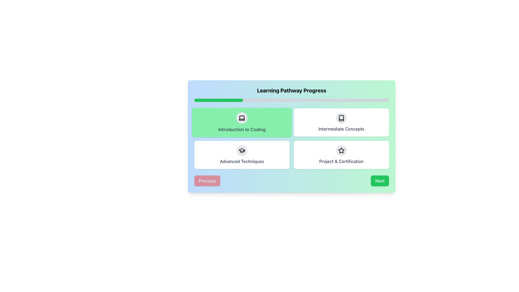 Image resolution: width=519 pixels, height=292 pixels. Describe the element at coordinates (291, 90) in the screenshot. I see `the text label that indicates the purpose of the learning progress section, which is located above the progress bar and related content` at that location.